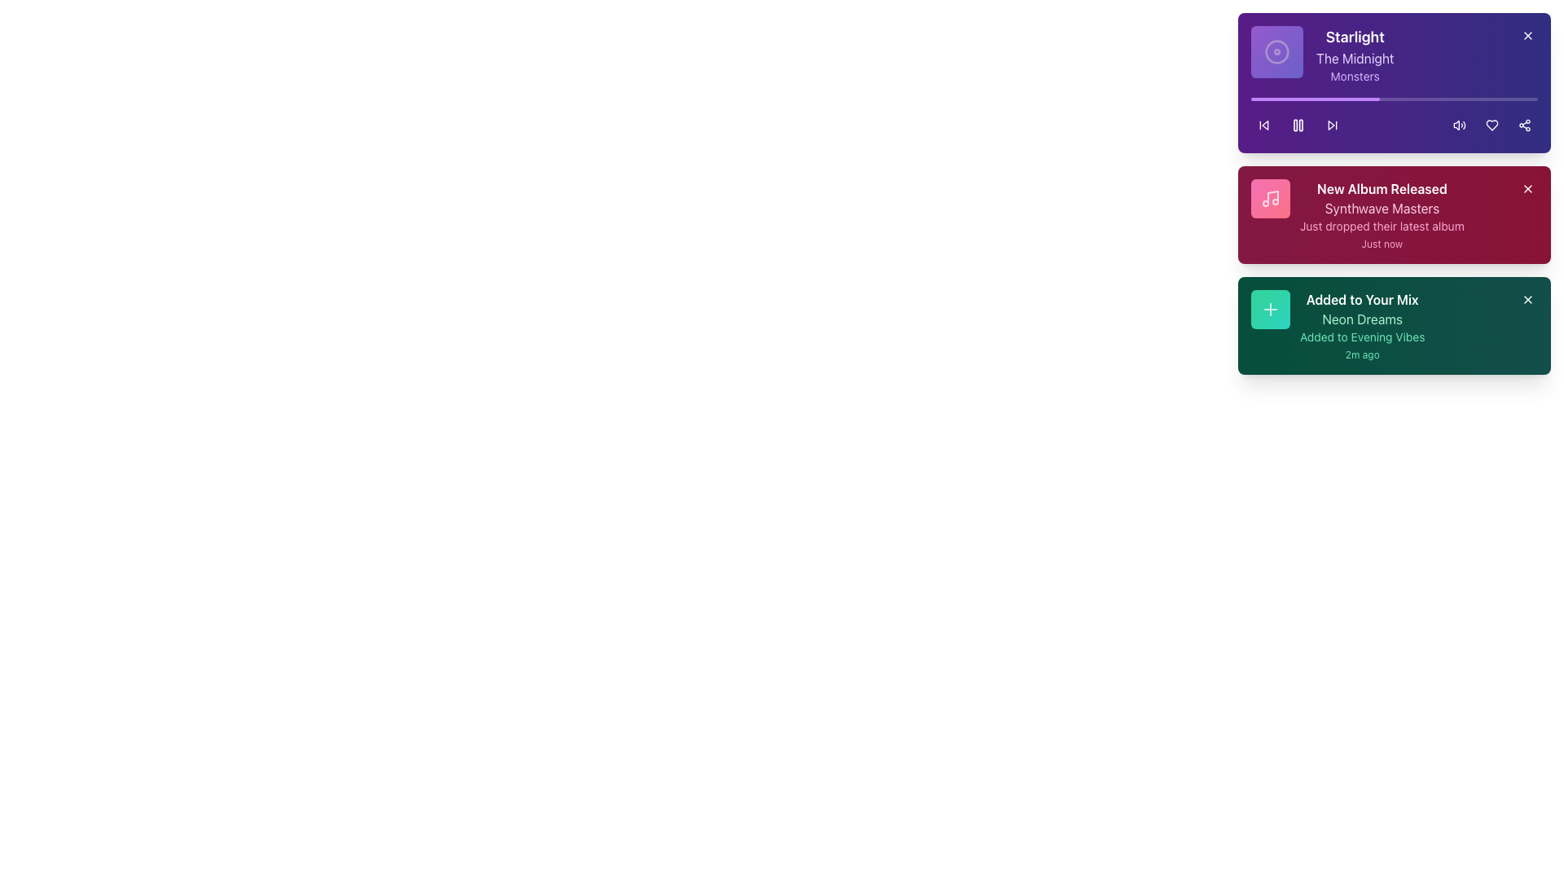  Describe the element at coordinates (1381, 207) in the screenshot. I see `the Text Label that indicates the name of the album or release associated with the notification, positioned below the 'New Album Released' heading` at that location.